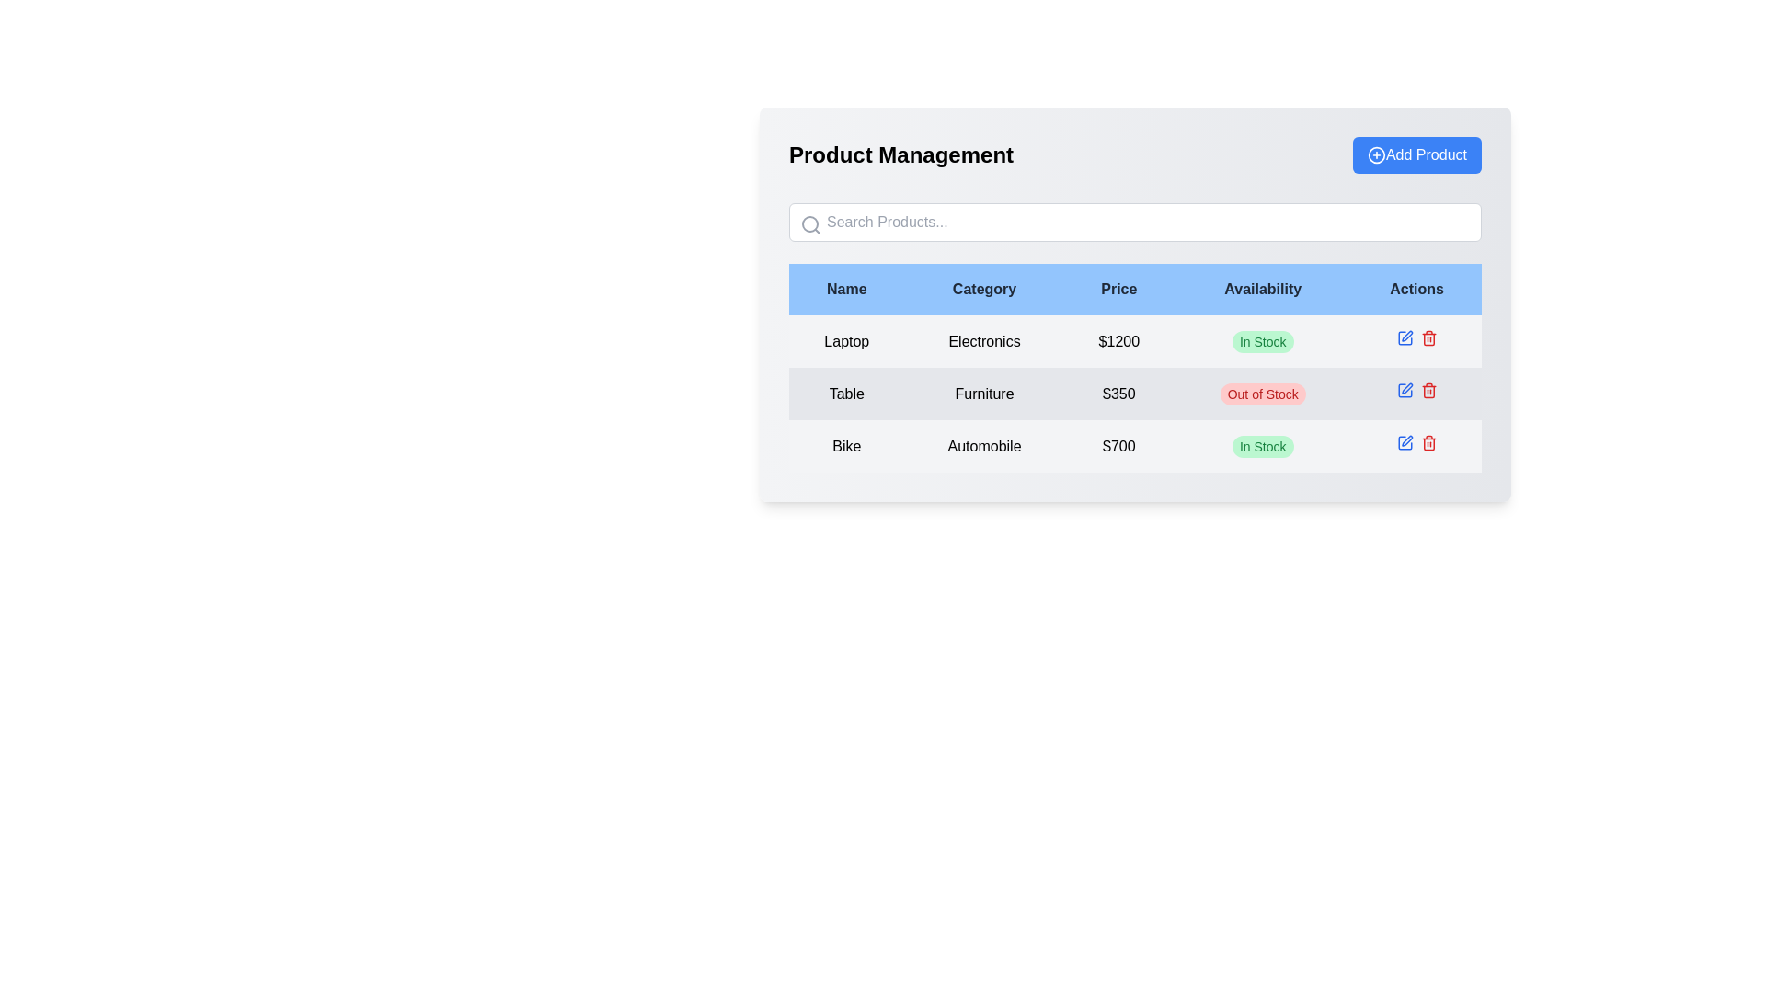 The height and width of the screenshot is (993, 1766). What do you see at coordinates (1416, 290) in the screenshot?
I see `the static text label displaying 'Actions' in bold, located in the fifth column header of the table layout` at bounding box center [1416, 290].